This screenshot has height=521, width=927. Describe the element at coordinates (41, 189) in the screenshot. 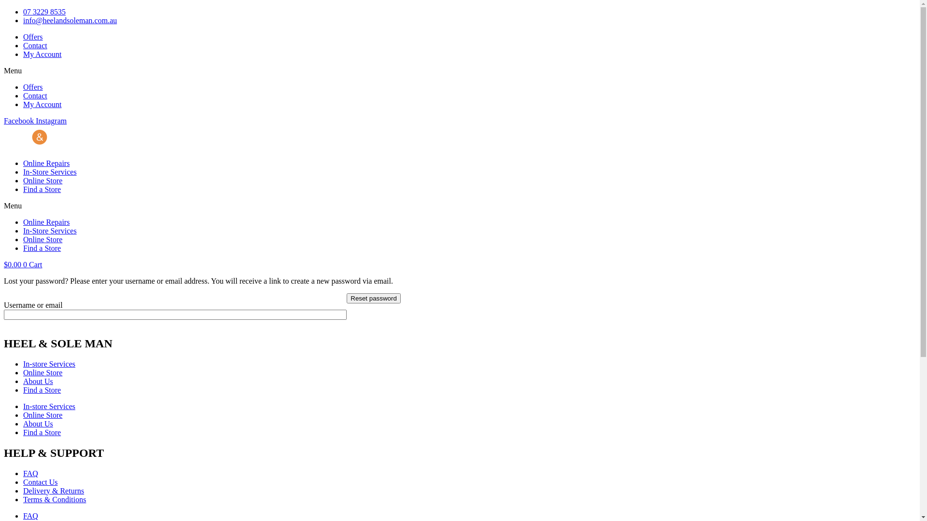

I see `'Find a Store'` at that location.